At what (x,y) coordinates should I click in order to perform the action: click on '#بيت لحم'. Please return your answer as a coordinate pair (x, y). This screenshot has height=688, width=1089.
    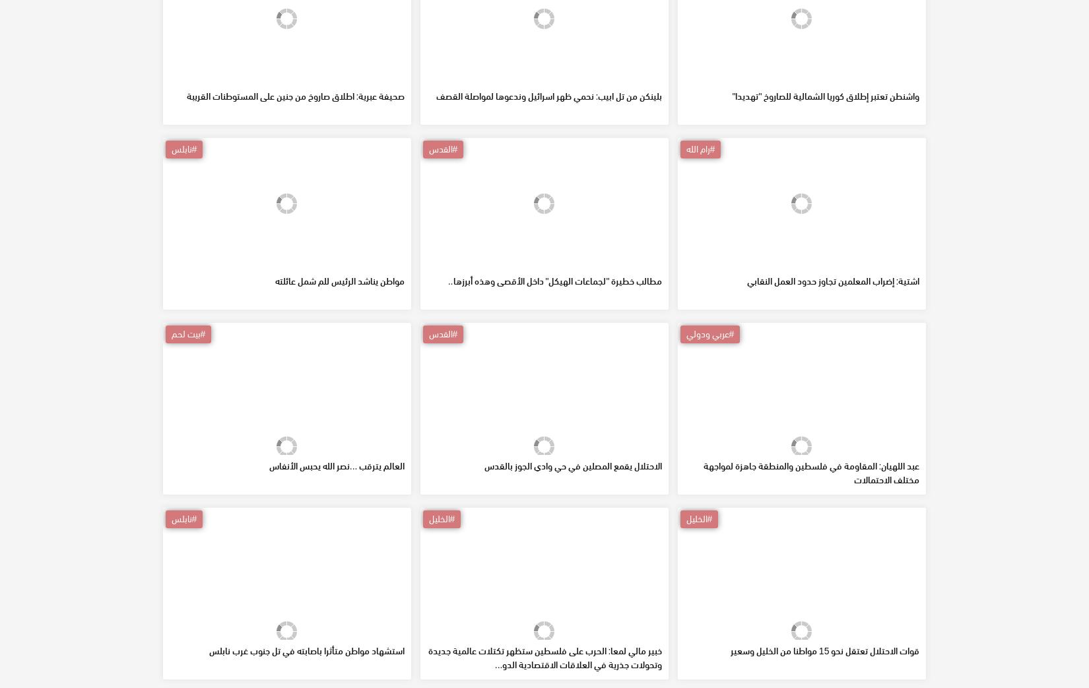
    Looking at the image, I should click on (187, 429).